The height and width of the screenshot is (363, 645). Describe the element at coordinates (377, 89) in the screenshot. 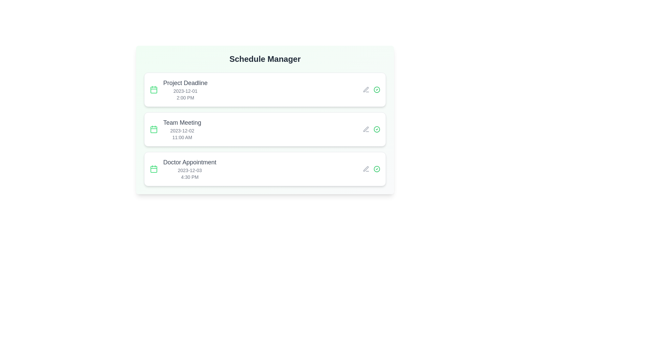

I see `the check icon corresponding to the event titled 'Project Deadline' to mark it as completed` at that location.